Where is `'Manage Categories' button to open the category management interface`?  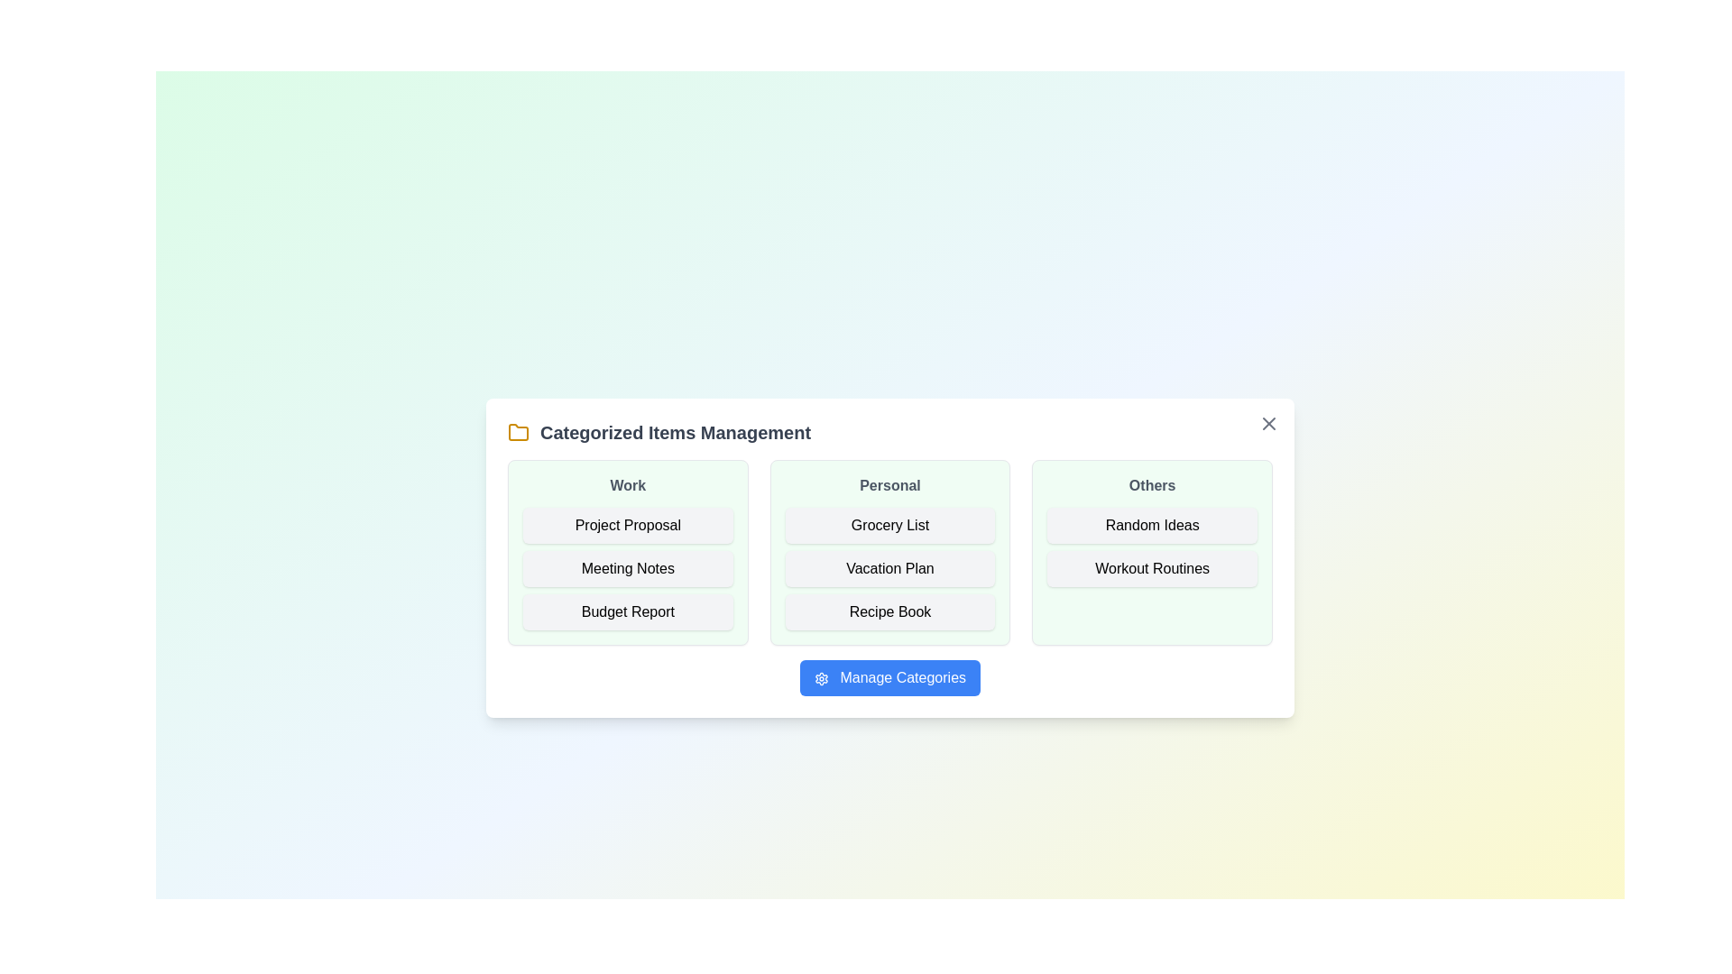
'Manage Categories' button to open the category management interface is located at coordinates (890, 678).